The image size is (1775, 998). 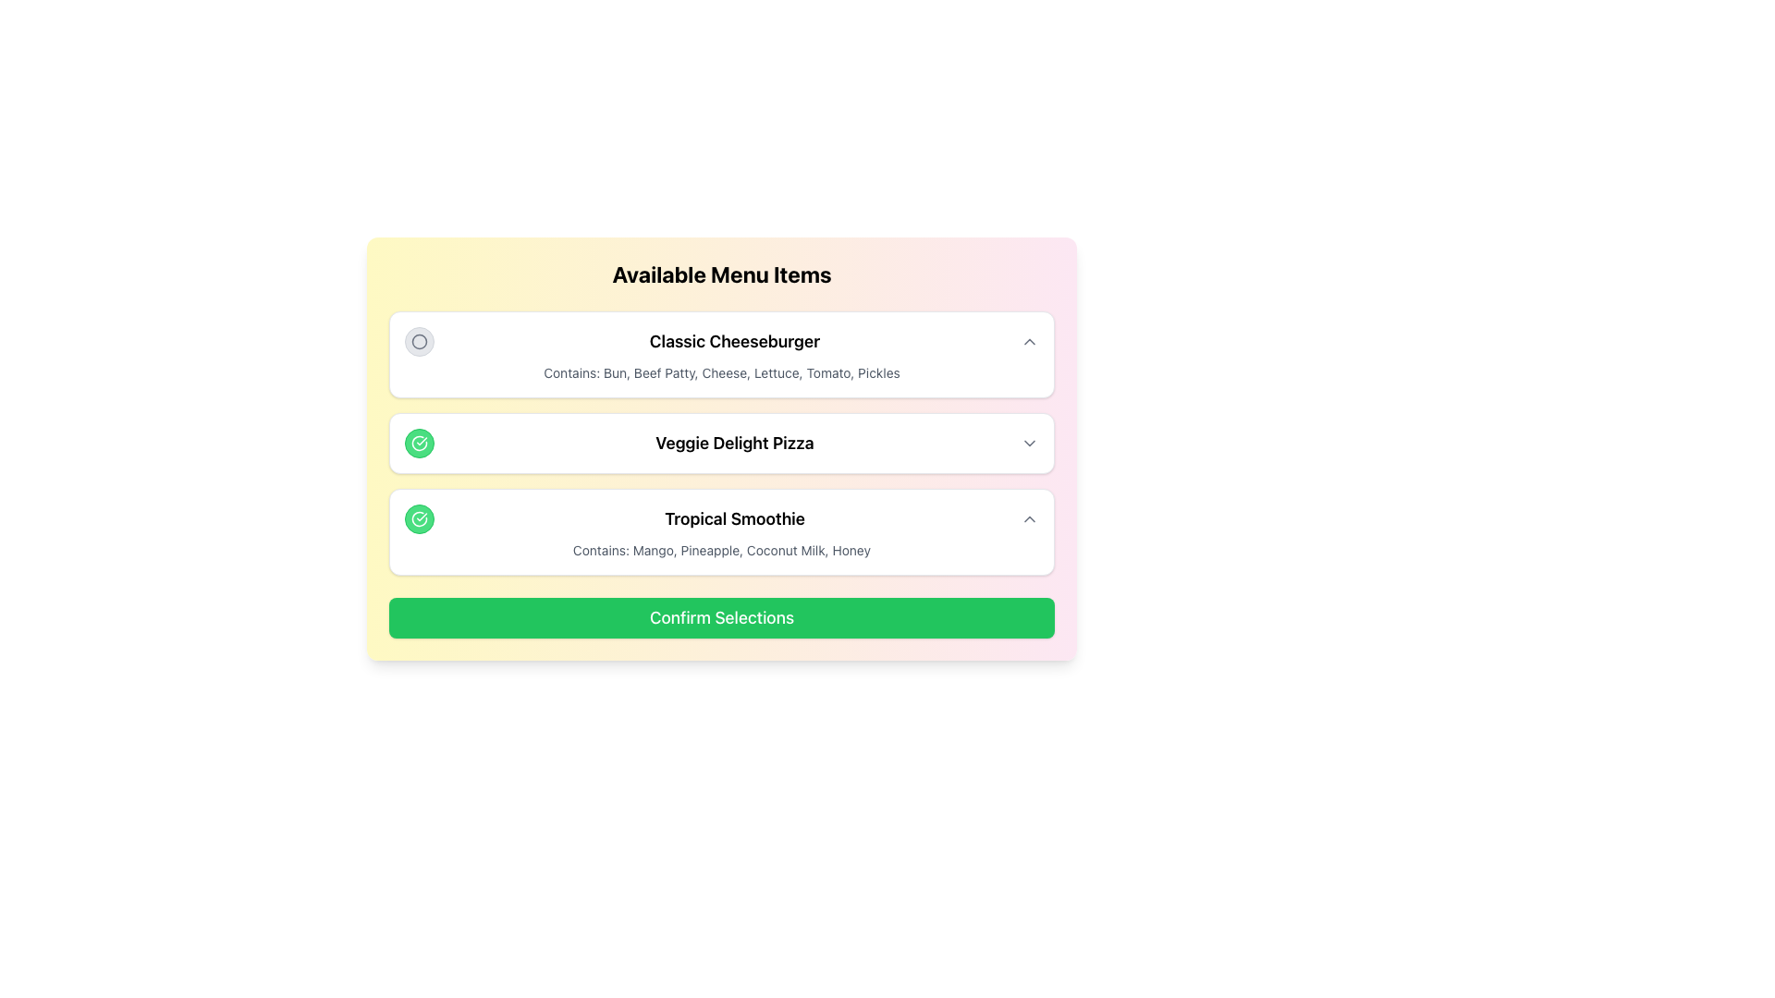 I want to click on the menu item header titled 'Classic Cheeseburger', so click(x=721, y=342).